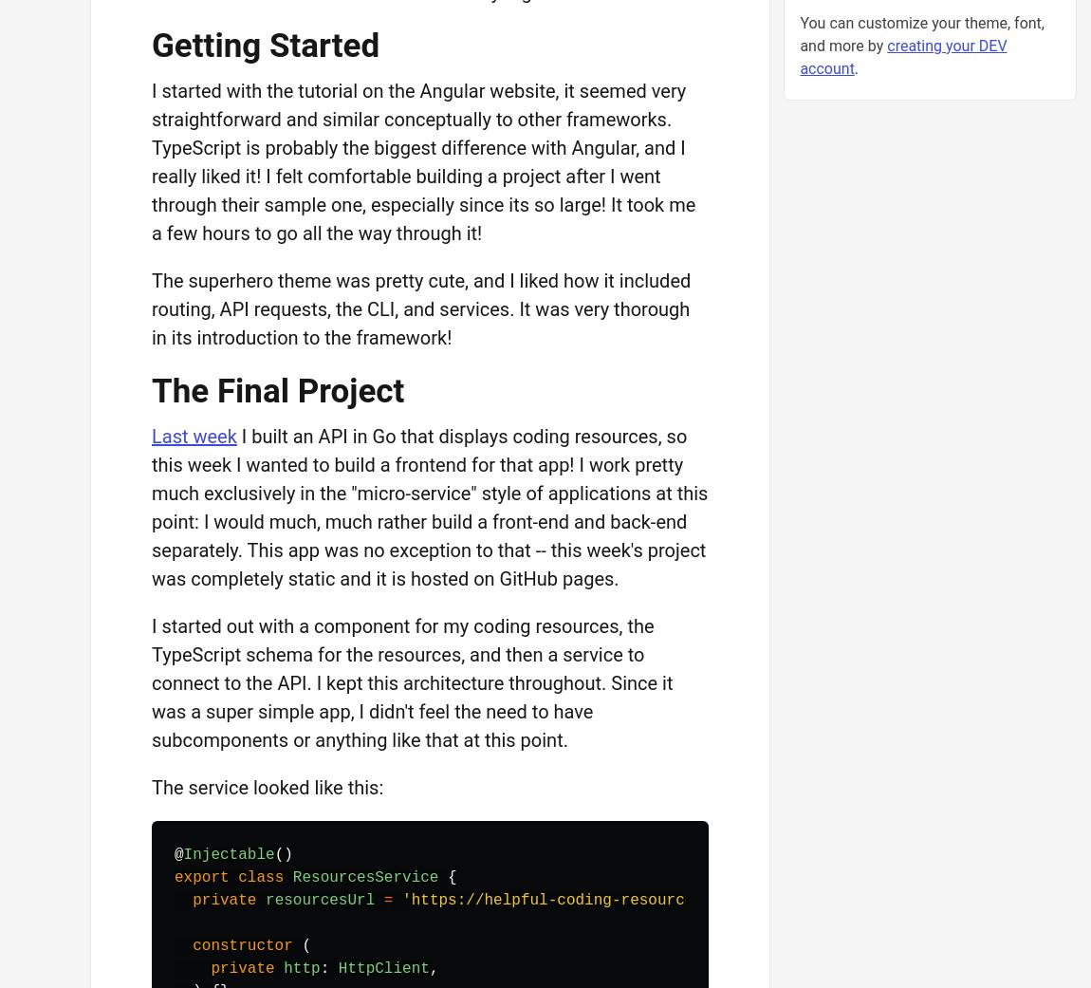  I want to click on ';', so click(934, 900).